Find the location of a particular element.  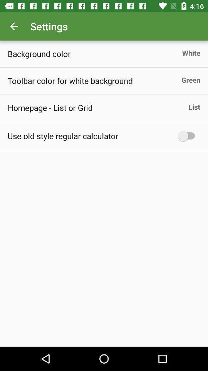

toolbar color for item is located at coordinates (70, 80).